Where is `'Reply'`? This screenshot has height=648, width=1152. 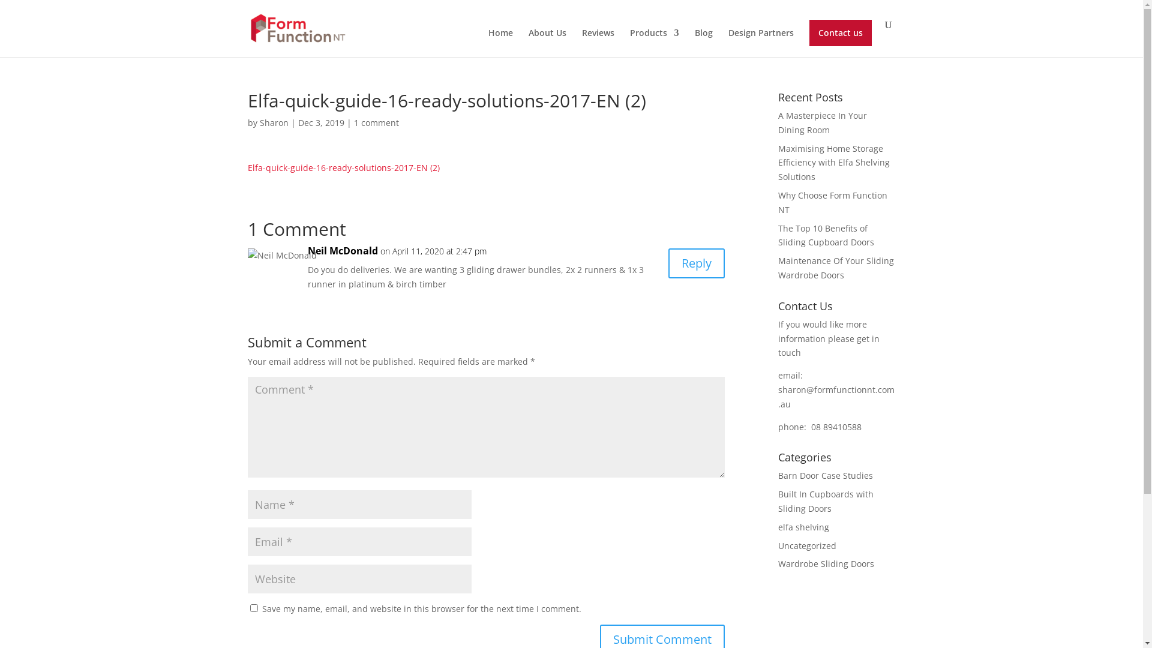
'Reply' is located at coordinates (697, 263).